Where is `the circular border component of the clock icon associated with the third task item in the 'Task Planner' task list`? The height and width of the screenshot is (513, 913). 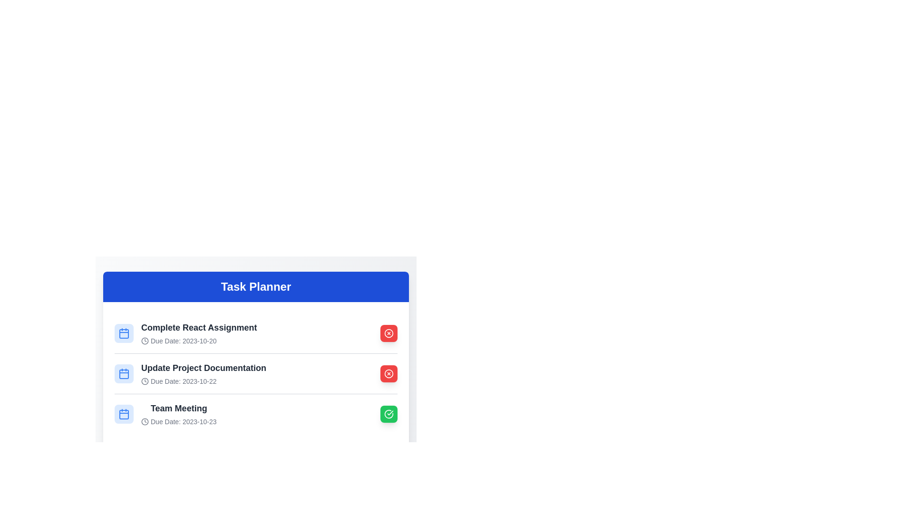 the circular border component of the clock icon associated with the third task item in the 'Task Planner' task list is located at coordinates (145, 421).